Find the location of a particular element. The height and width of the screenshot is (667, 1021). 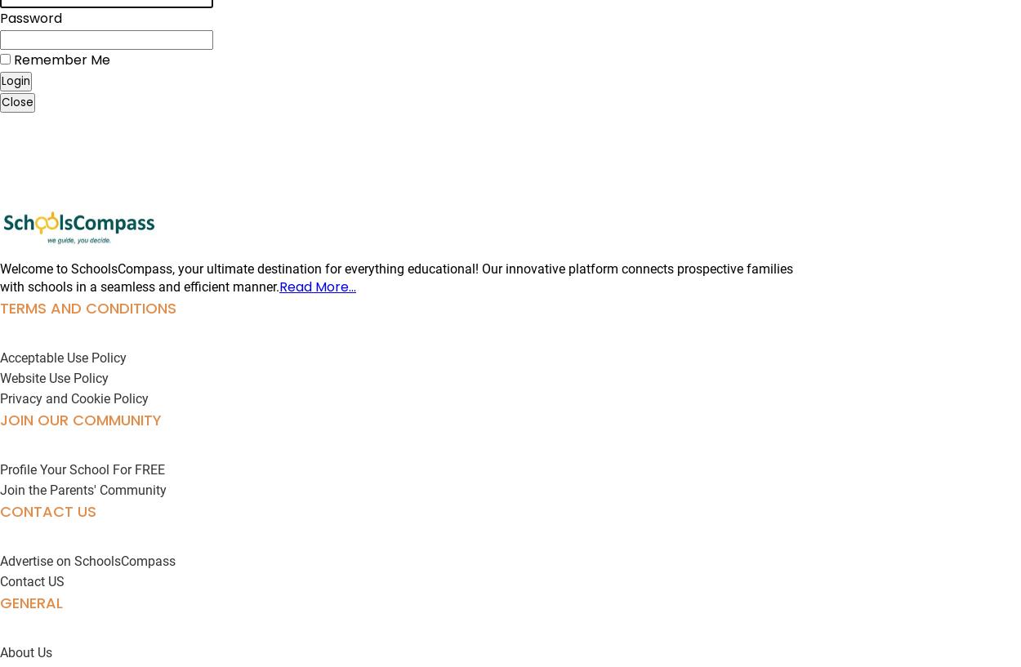

'Advertise on SchoolsCompass' is located at coordinates (87, 560).